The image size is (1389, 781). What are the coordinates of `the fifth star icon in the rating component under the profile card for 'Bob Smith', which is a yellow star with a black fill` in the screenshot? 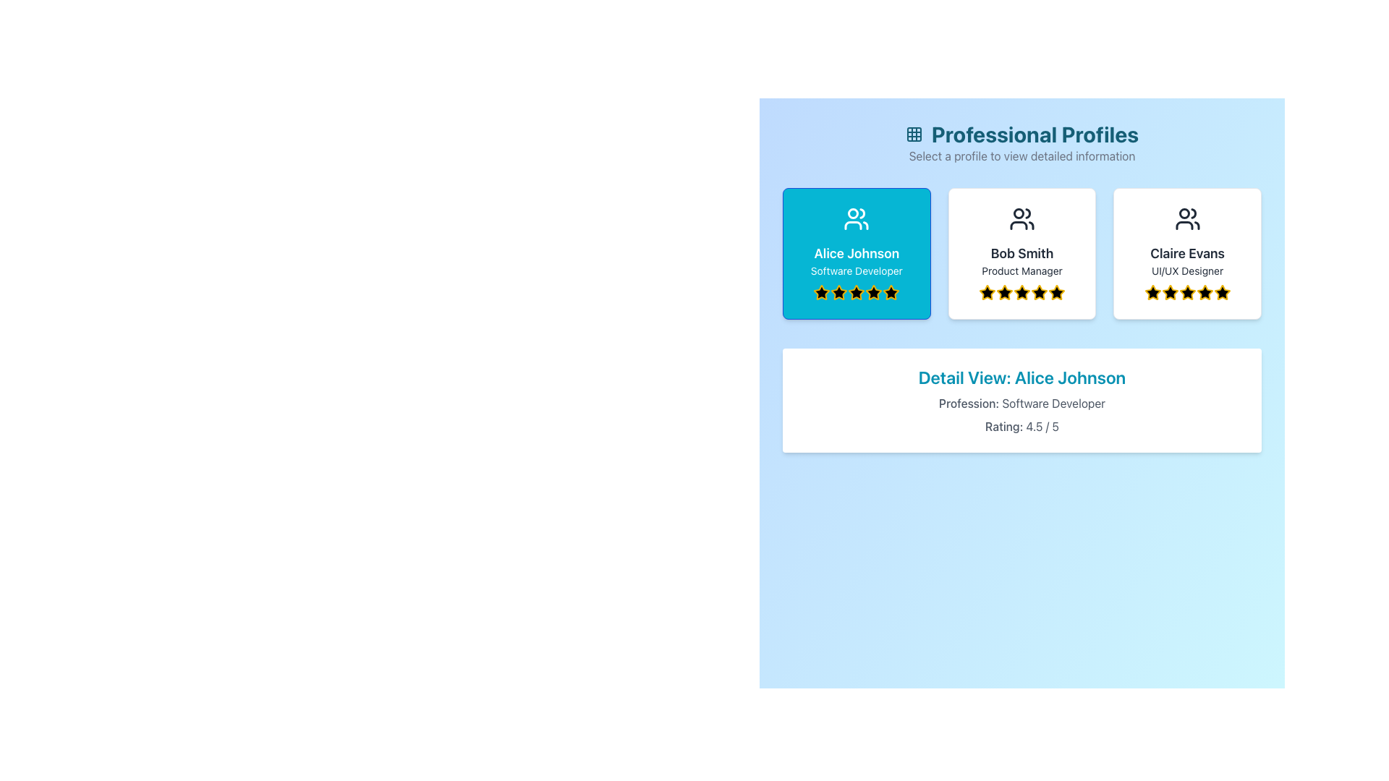 It's located at (1038, 293).